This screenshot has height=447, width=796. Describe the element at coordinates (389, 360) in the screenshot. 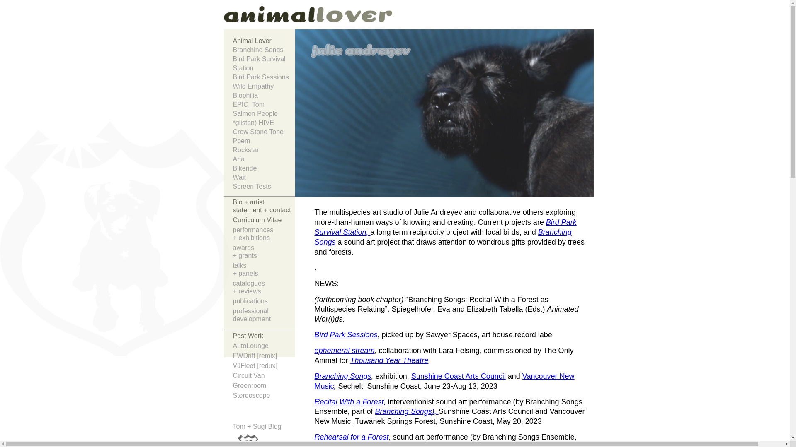

I see `'Thousand Year Theatre'` at that location.